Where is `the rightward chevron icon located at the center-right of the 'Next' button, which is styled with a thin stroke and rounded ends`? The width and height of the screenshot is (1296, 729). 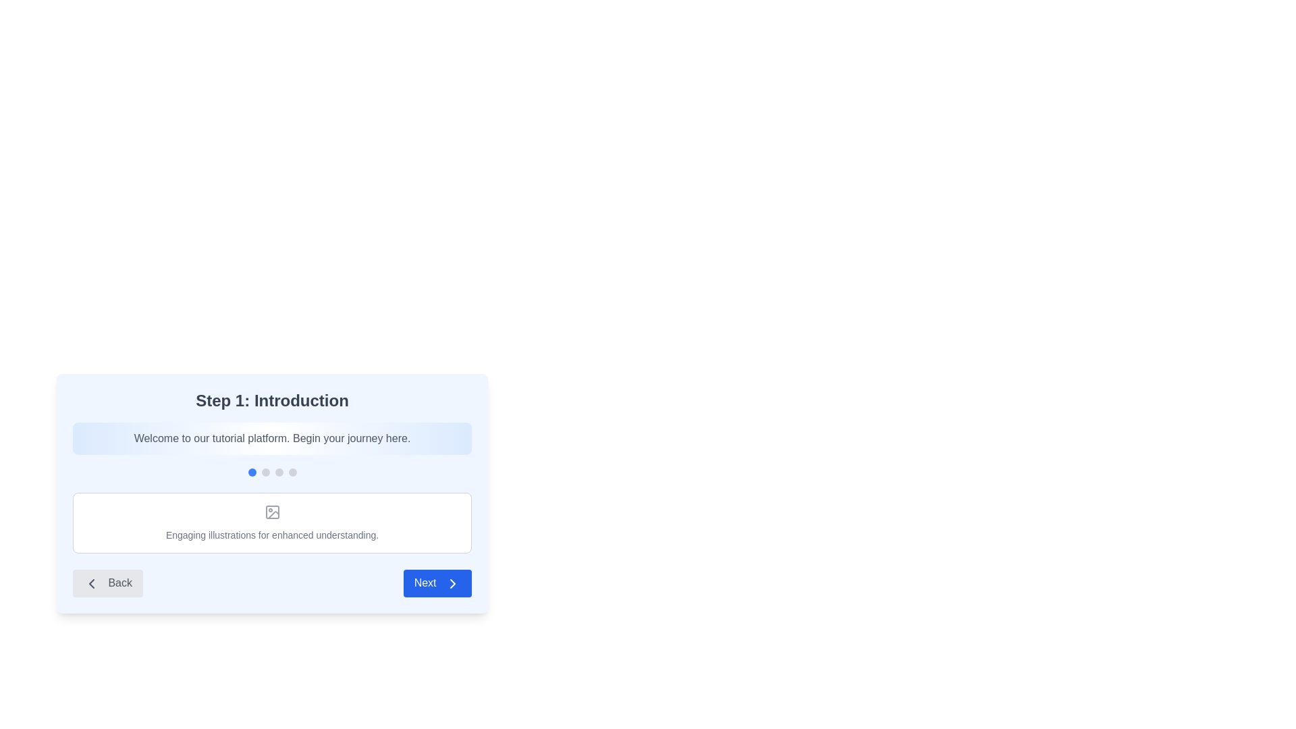 the rightward chevron icon located at the center-right of the 'Next' button, which is styled with a thin stroke and rounded ends is located at coordinates (453, 583).